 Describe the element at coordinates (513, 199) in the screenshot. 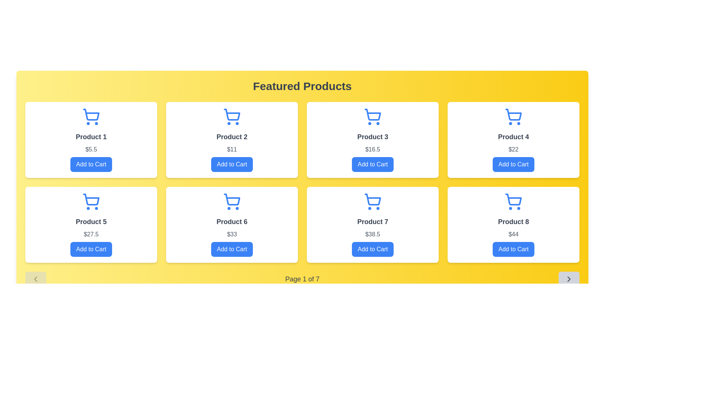

I see `the shopping cart icon located centrally at the top of the 'Product 8' card for information` at that location.